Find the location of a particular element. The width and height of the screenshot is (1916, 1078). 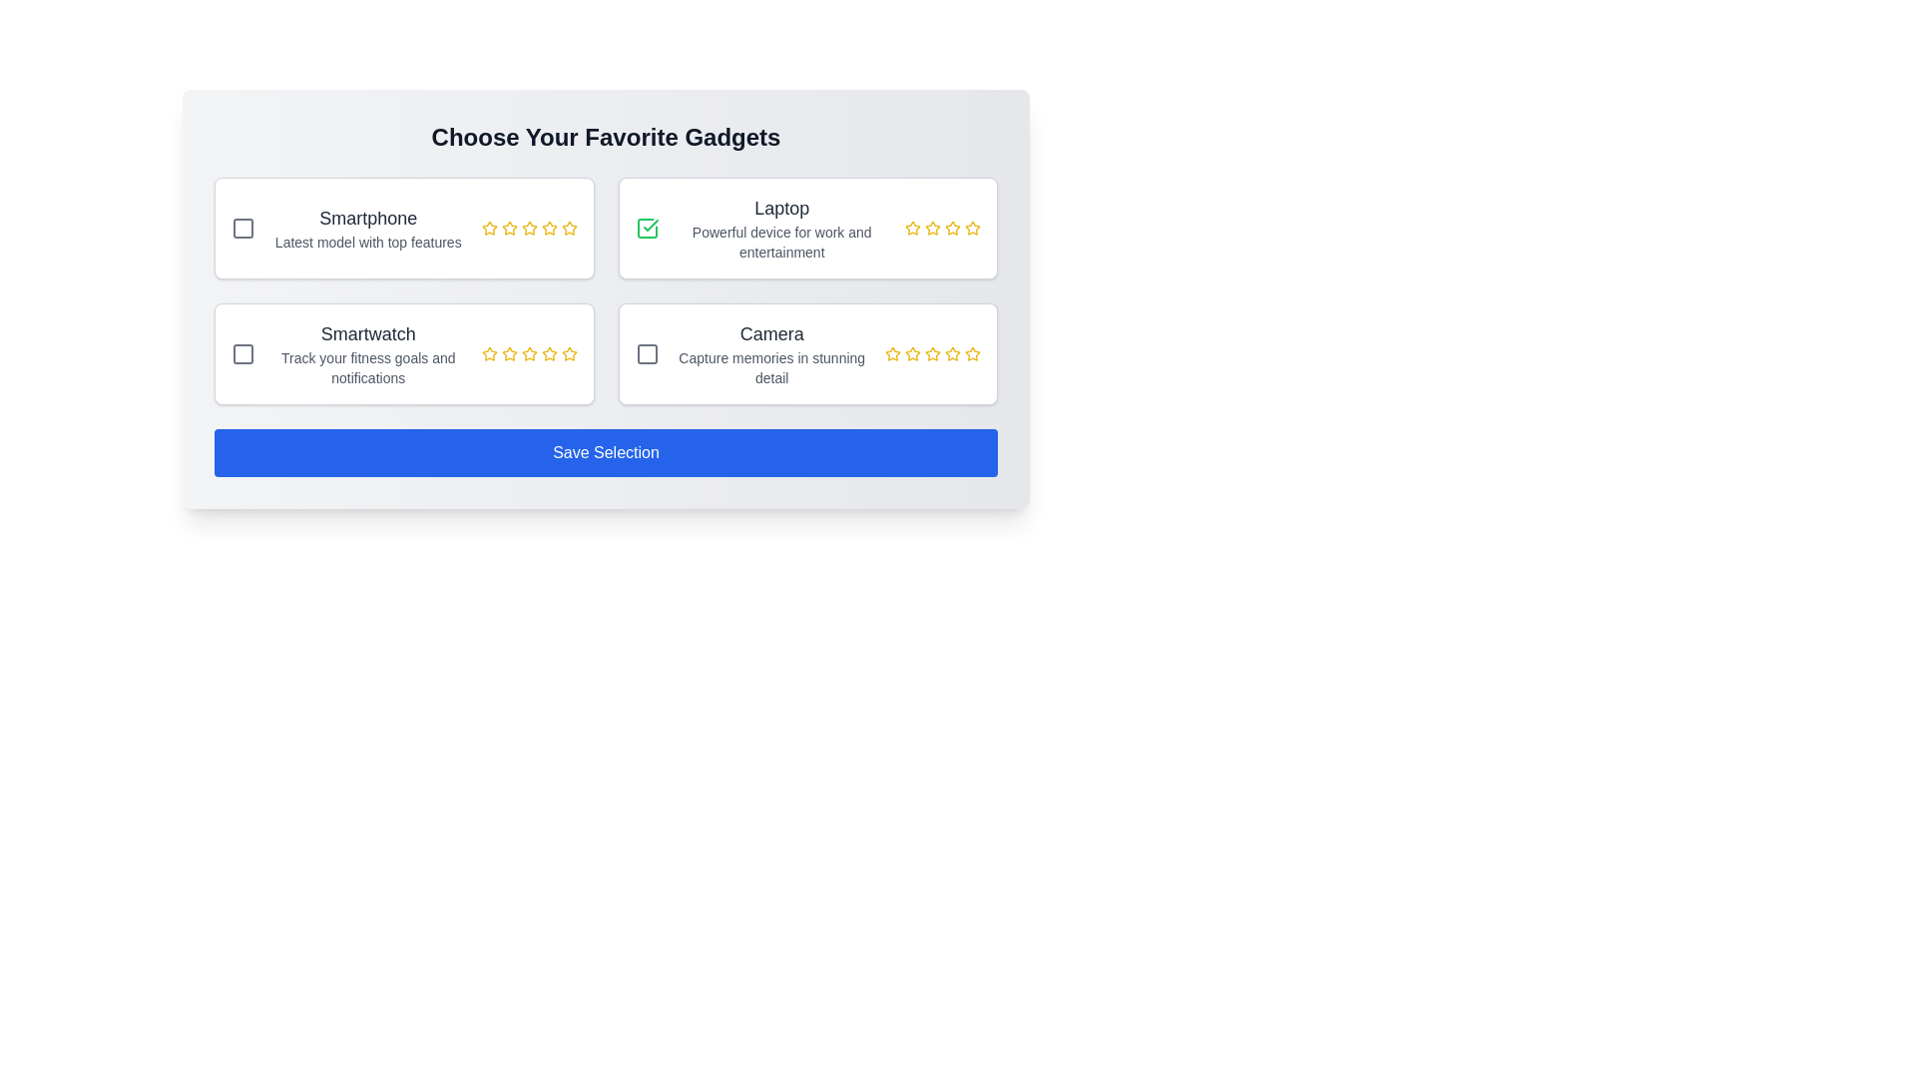

the third star from the left in the row of rating stars for the 'Smartwatch' item to rate it is located at coordinates (529, 352).